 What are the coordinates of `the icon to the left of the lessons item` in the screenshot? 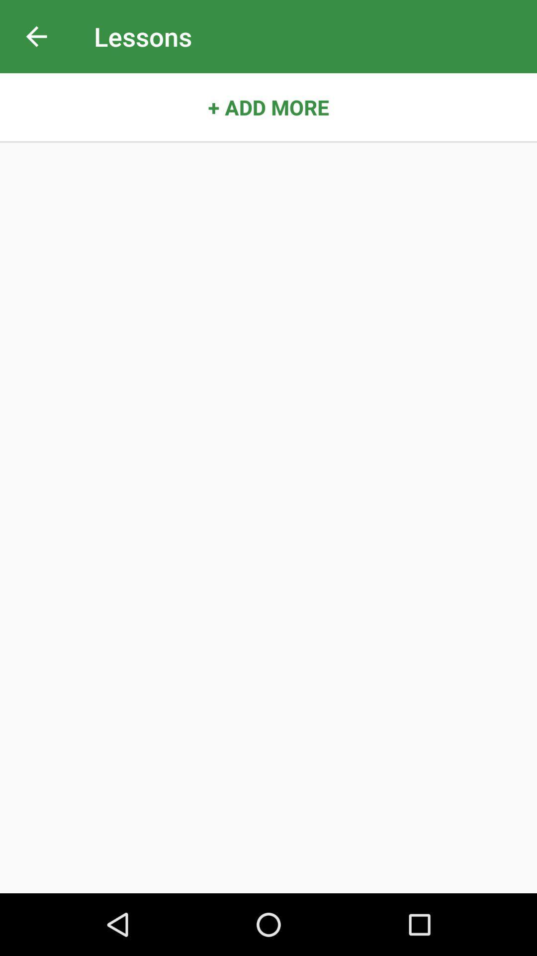 It's located at (36, 36).